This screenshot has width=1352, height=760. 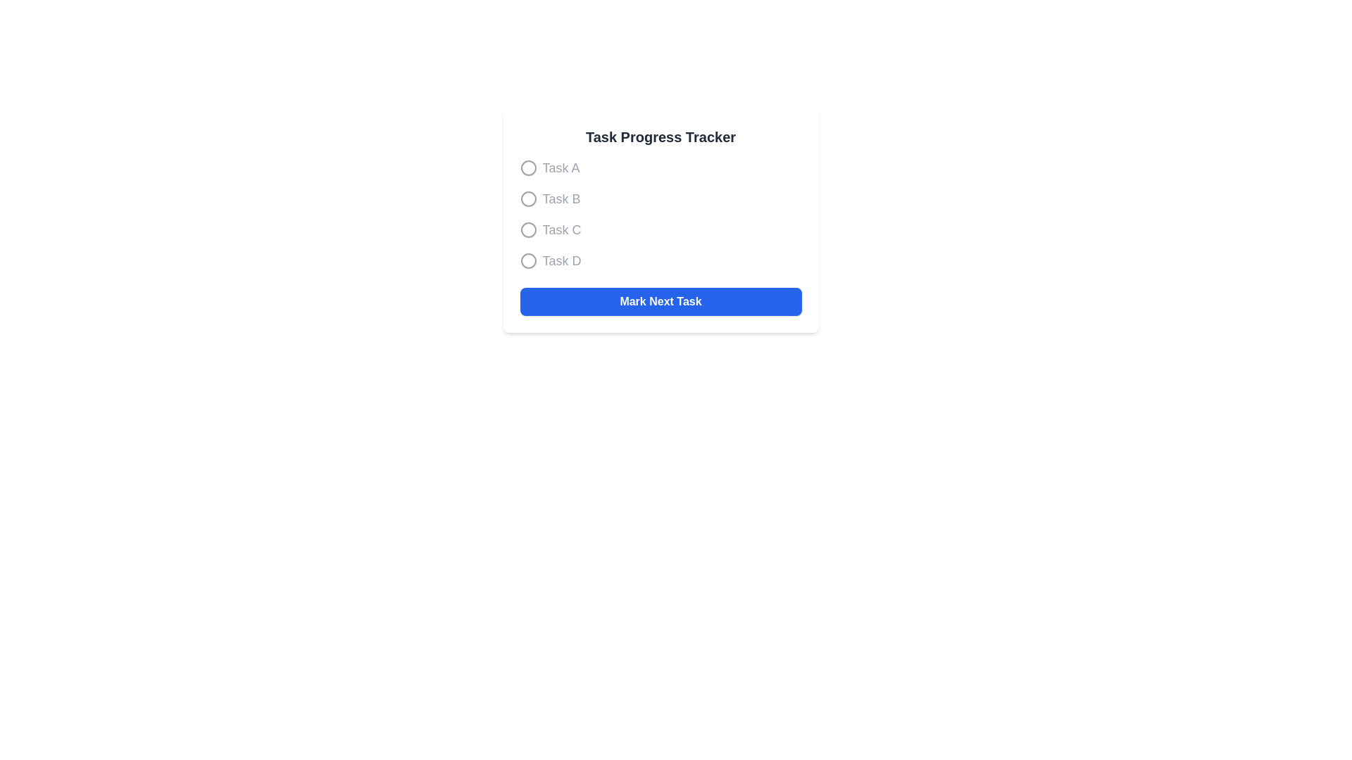 I want to click on the radio button or selection indicator for 'Task C' in the Task Progress Tracker, so click(x=527, y=229).